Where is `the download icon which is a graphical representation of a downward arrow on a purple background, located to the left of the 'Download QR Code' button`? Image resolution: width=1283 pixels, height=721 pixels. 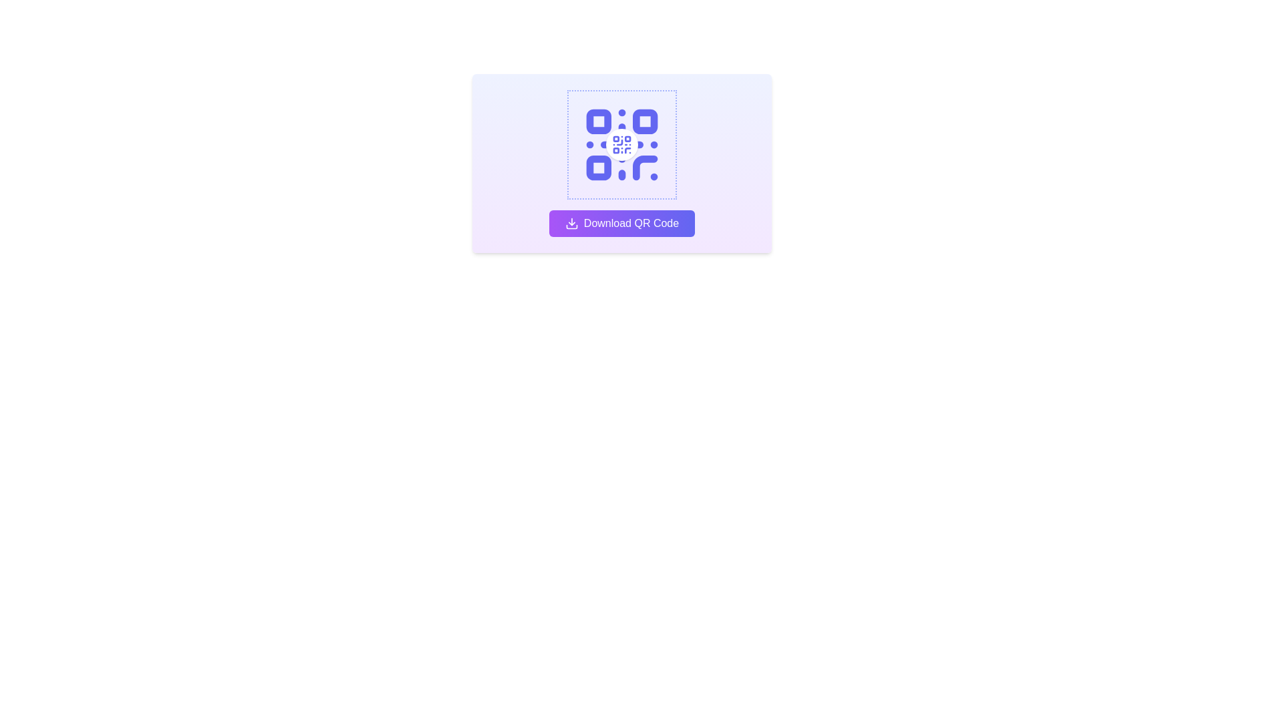
the download icon which is a graphical representation of a downward arrow on a purple background, located to the left of the 'Download QR Code' button is located at coordinates (571, 223).